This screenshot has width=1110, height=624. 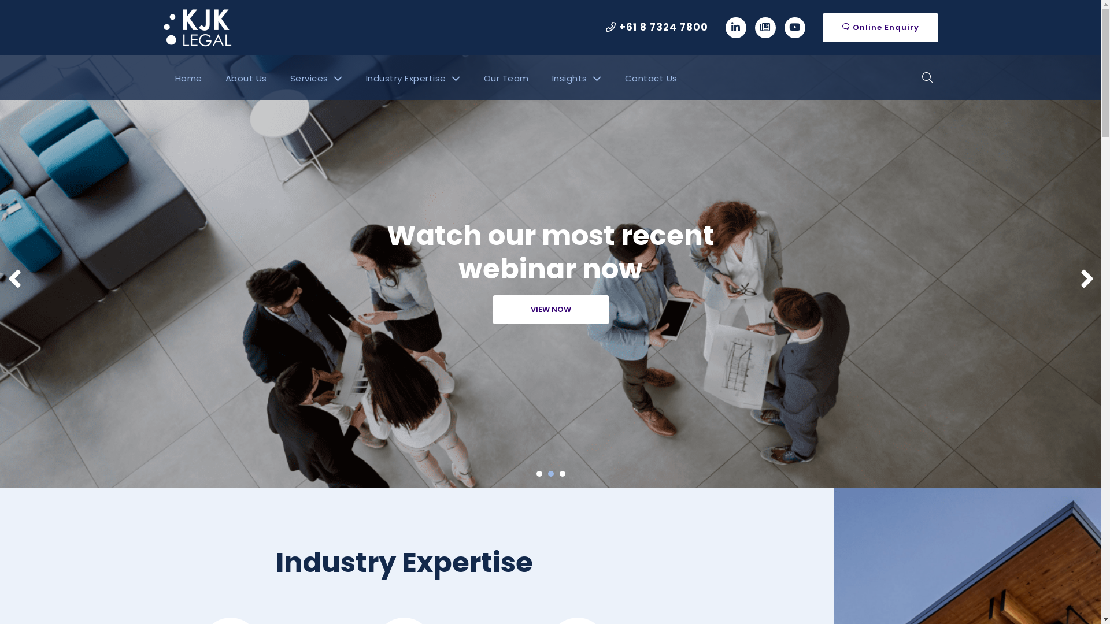 What do you see at coordinates (246, 78) in the screenshot?
I see `'About Us'` at bounding box center [246, 78].